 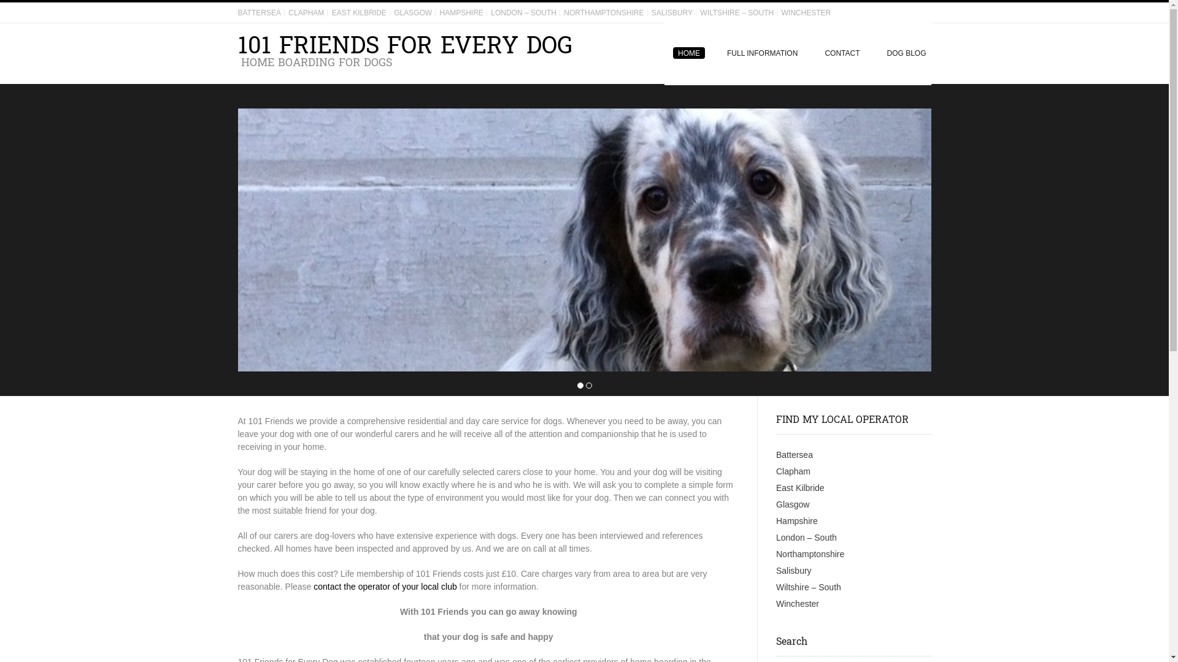 I want to click on 'CLAPHAM', so click(x=306, y=12).